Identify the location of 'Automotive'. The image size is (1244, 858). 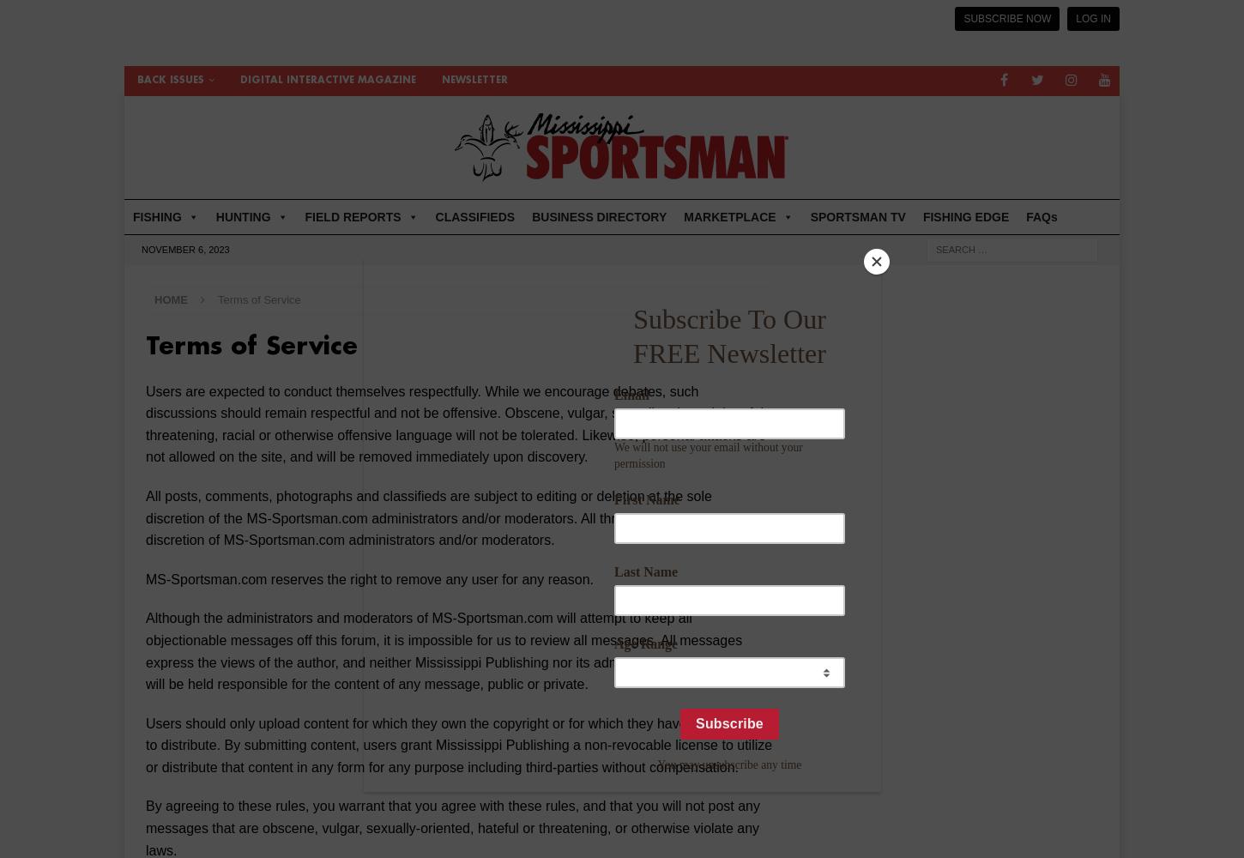
(714, 317).